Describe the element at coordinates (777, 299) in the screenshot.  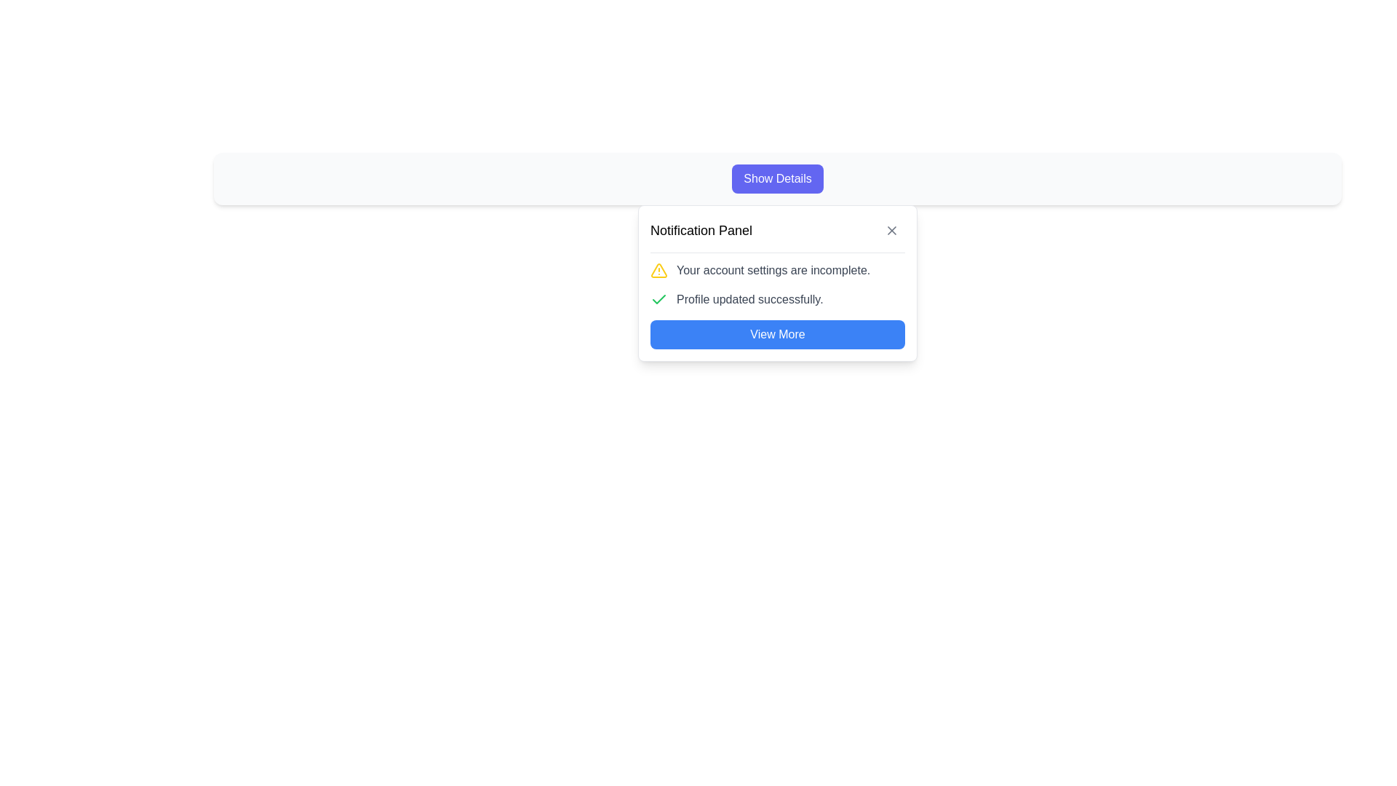
I see `notification message displaying 'Profile updated successfully.' which is located below the 'Your account settings are incomplete.' message and features a green checkmark icon` at that location.